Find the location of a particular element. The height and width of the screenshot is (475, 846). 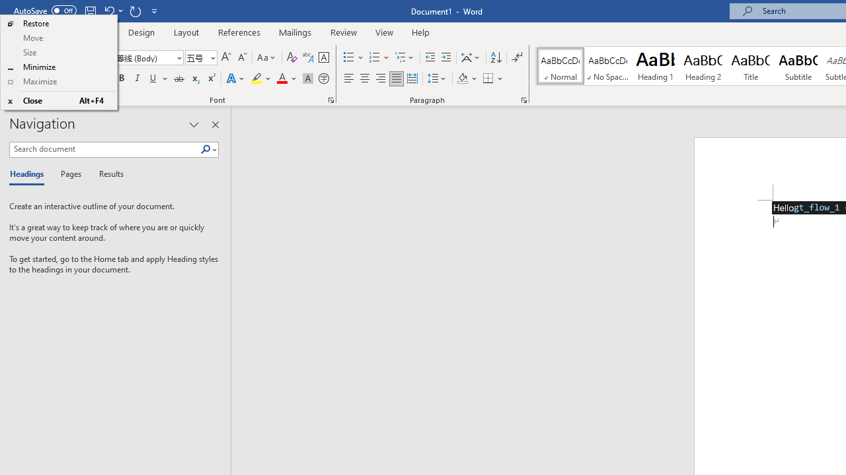

'Repeat Paste' is located at coordinates (135, 11).